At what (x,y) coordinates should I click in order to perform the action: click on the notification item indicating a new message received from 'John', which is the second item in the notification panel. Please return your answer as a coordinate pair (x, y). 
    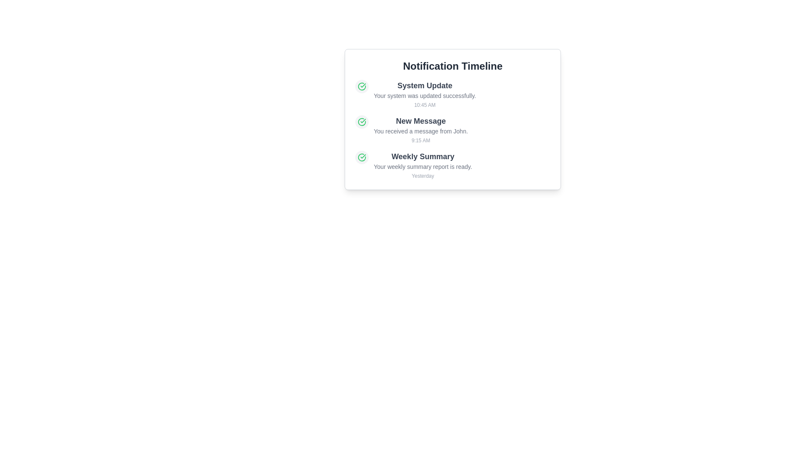
    Looking at the image, I should click on (421, 130).